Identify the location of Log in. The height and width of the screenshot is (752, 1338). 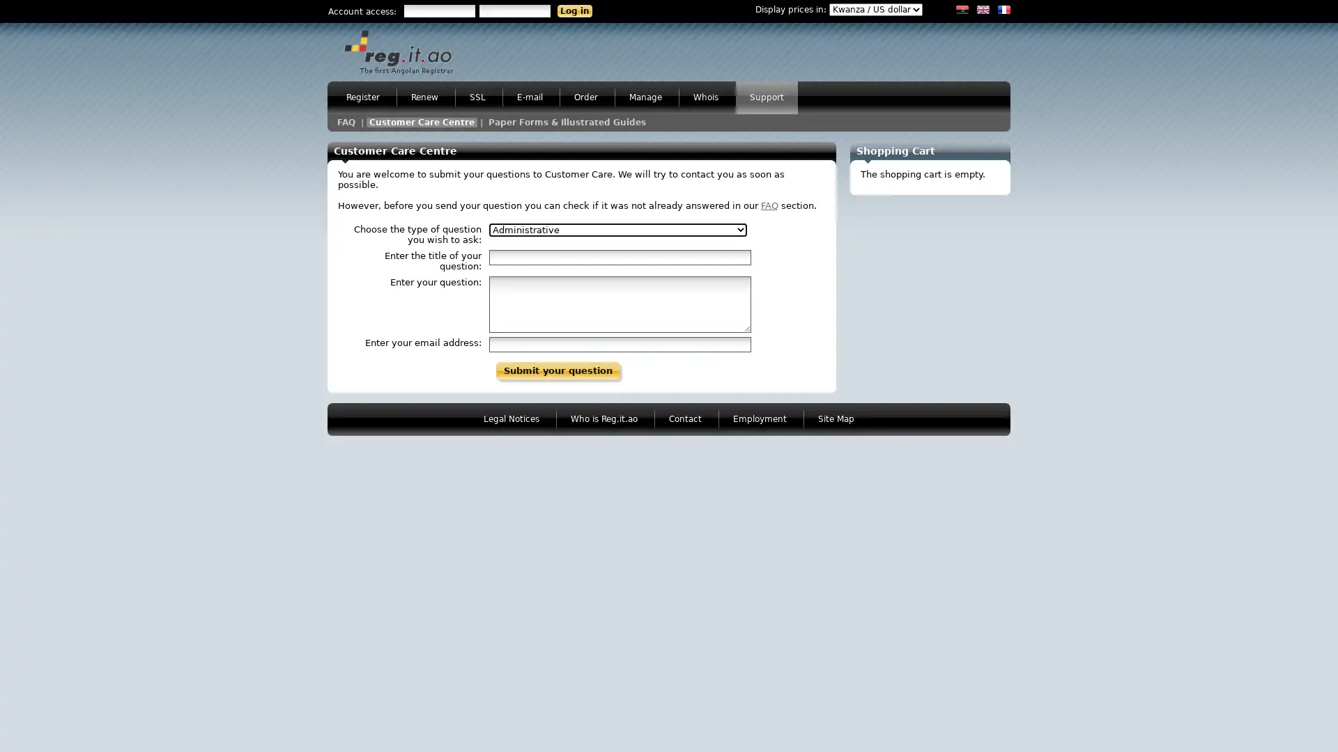
(575, 10).